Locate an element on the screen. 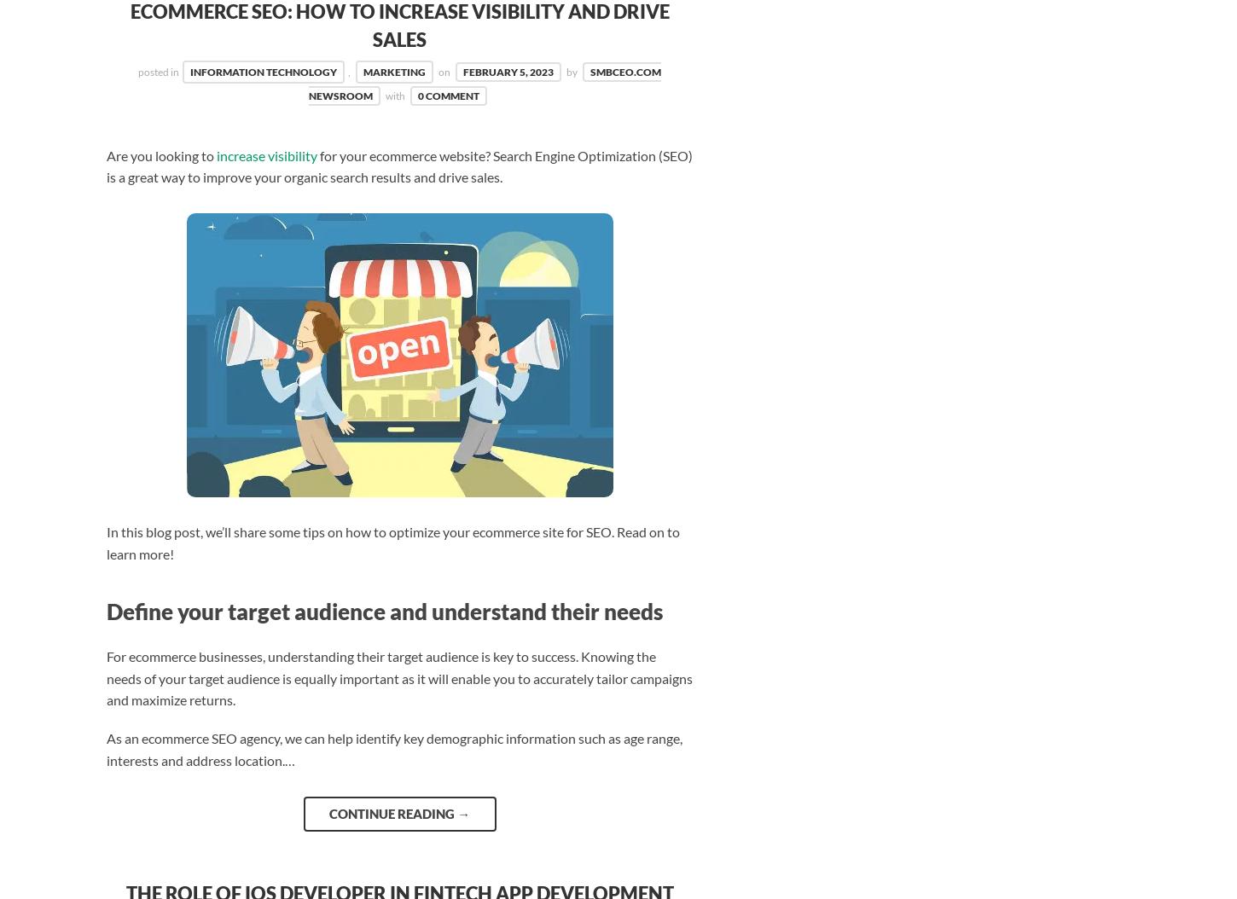 The image size is (1237, 899). 'for your ecommerce website? Search Engine Optimization (SEO) is a great way to improve your organic search results and drive sales.' is located at coordinates (105, 165).